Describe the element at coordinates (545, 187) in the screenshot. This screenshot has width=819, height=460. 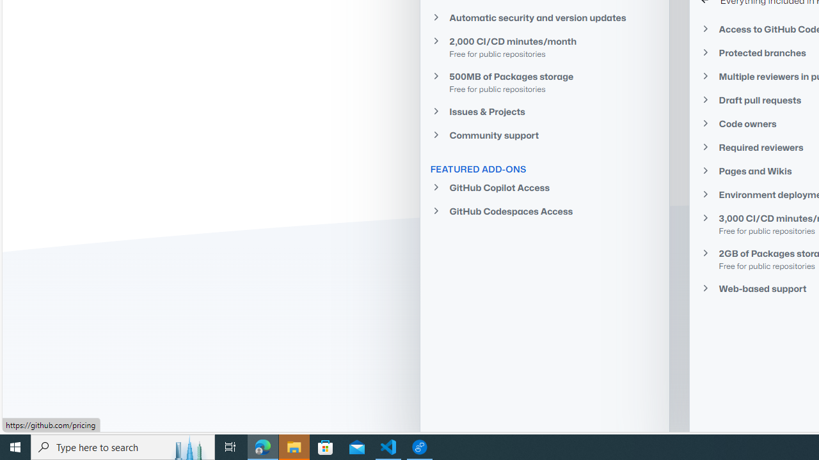
I see `'GitHub Copilot Access'` at that location.